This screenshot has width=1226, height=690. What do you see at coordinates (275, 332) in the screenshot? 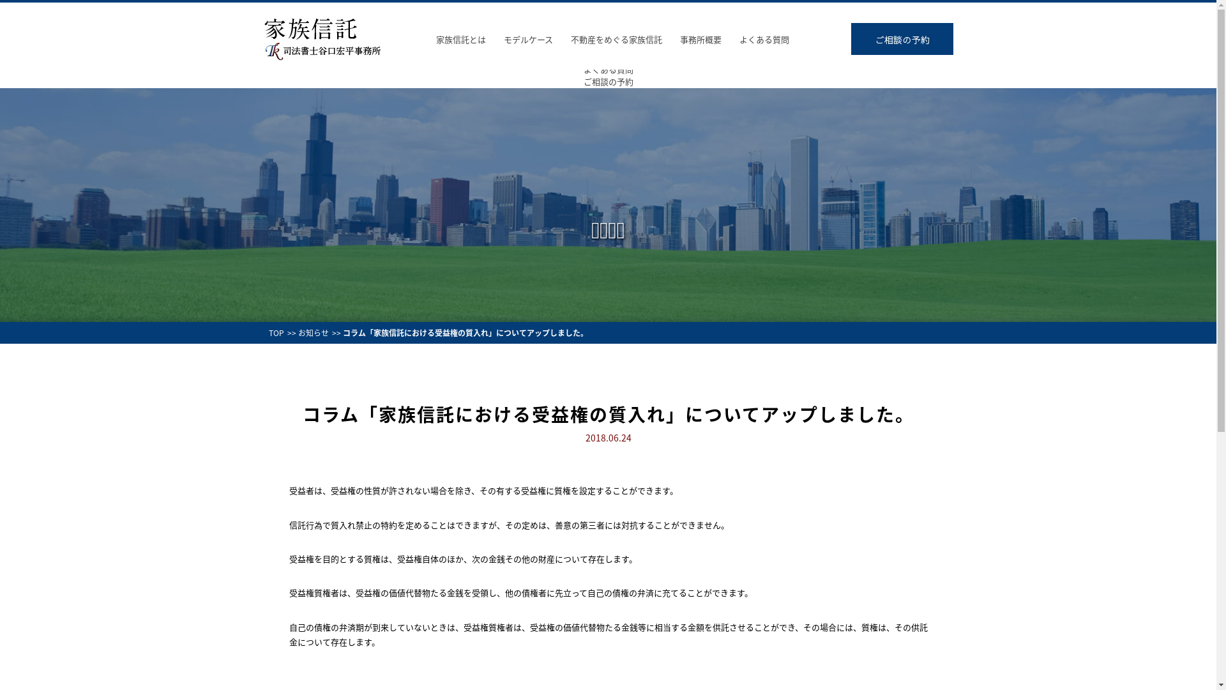
I see `'TOP'` at bounding box center [275, 332].